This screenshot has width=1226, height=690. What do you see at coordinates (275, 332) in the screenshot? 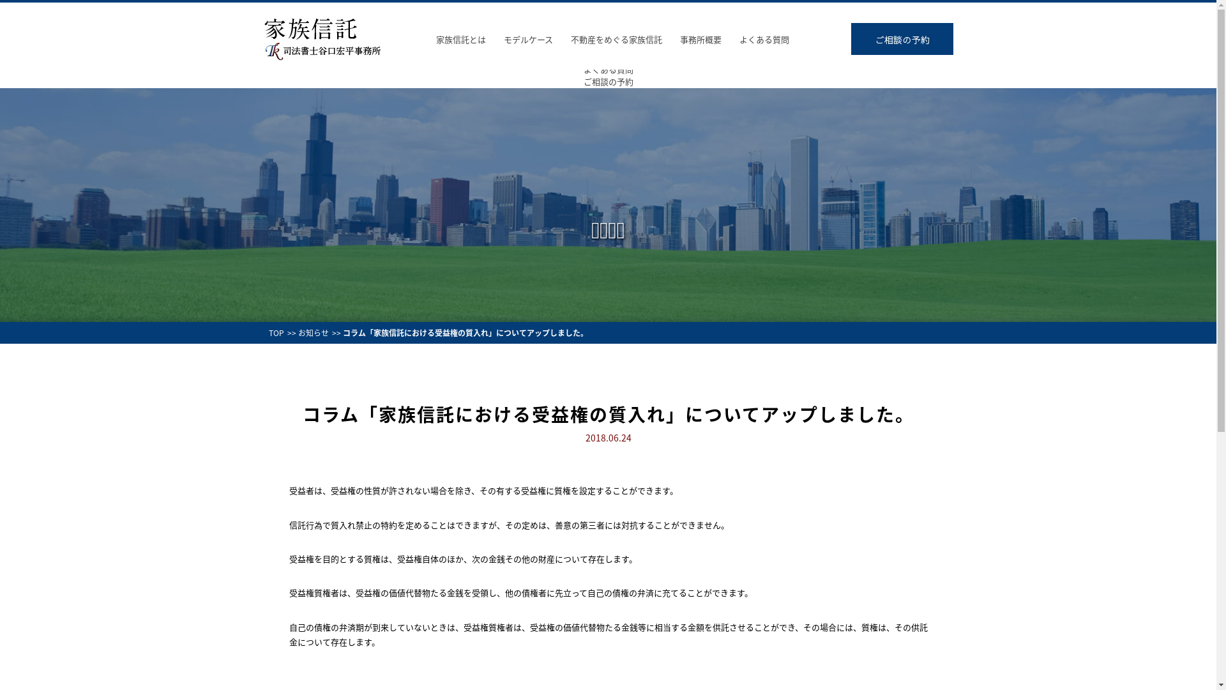
I see `'TOP'` at bounding box center [275, 332].